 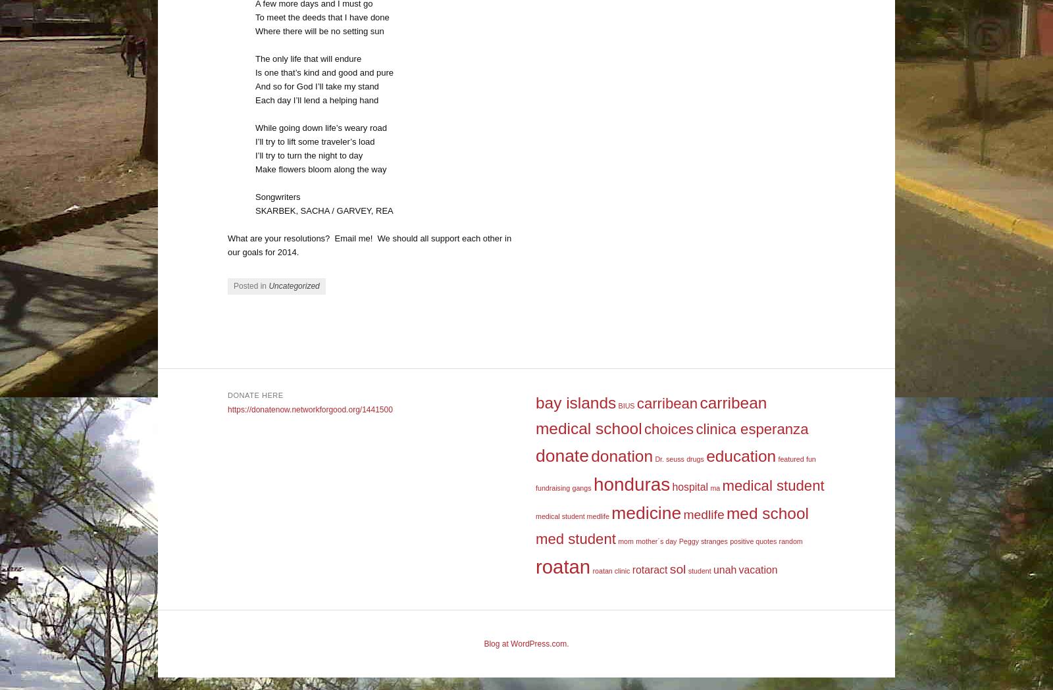 What do you see at coordinates (636, 403) in the screenshot?
I see `'carribean'` at bounding box center [636, 403].